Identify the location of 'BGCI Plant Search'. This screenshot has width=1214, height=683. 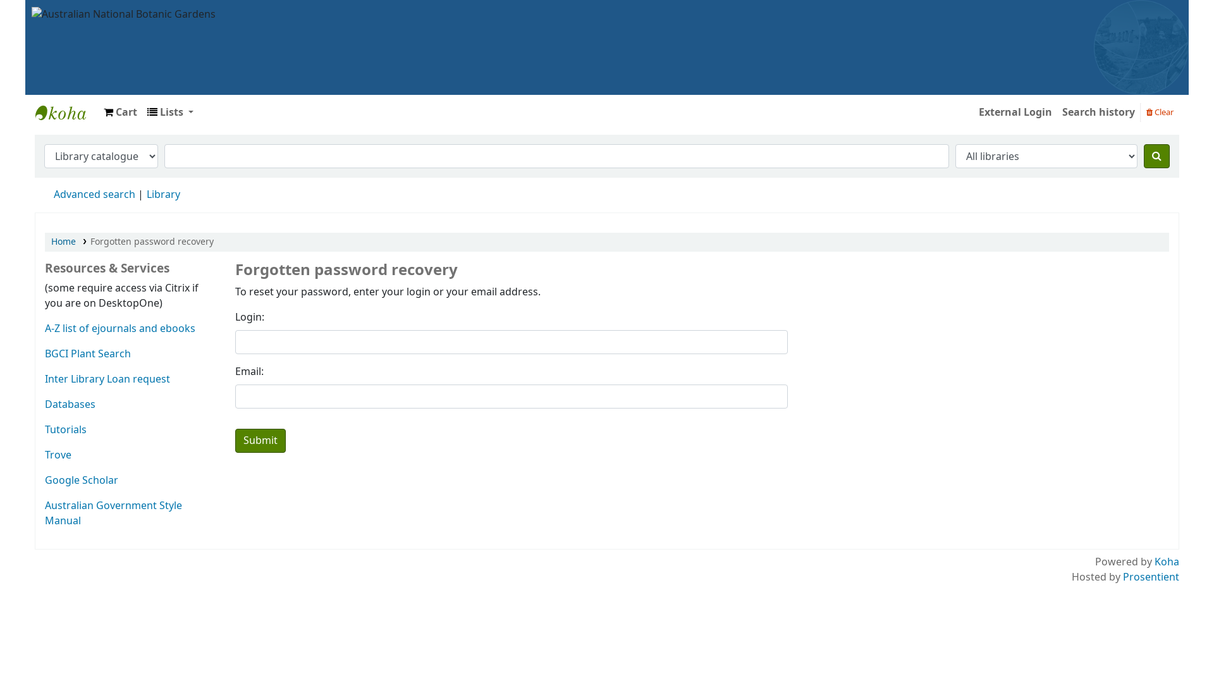
(45, 354).